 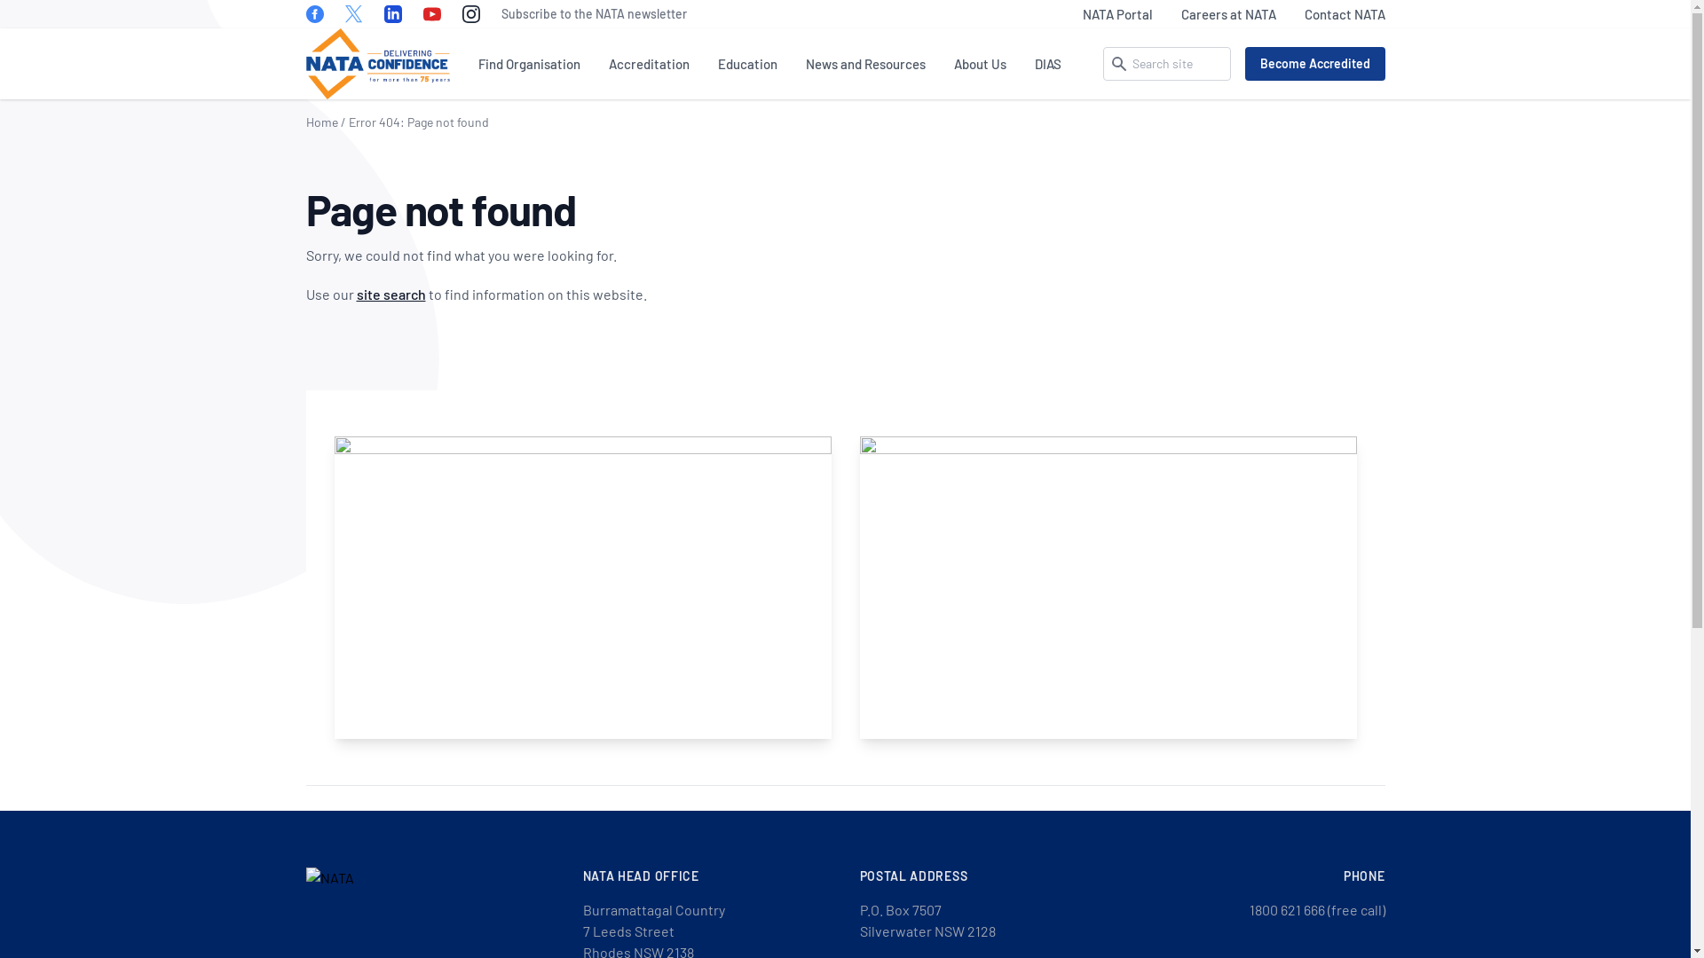 What do you see at coordinates (593, 13) in the screenshot?
I see `'Subscribe to the NATA newsletter'` at bounding box center [593, 13].